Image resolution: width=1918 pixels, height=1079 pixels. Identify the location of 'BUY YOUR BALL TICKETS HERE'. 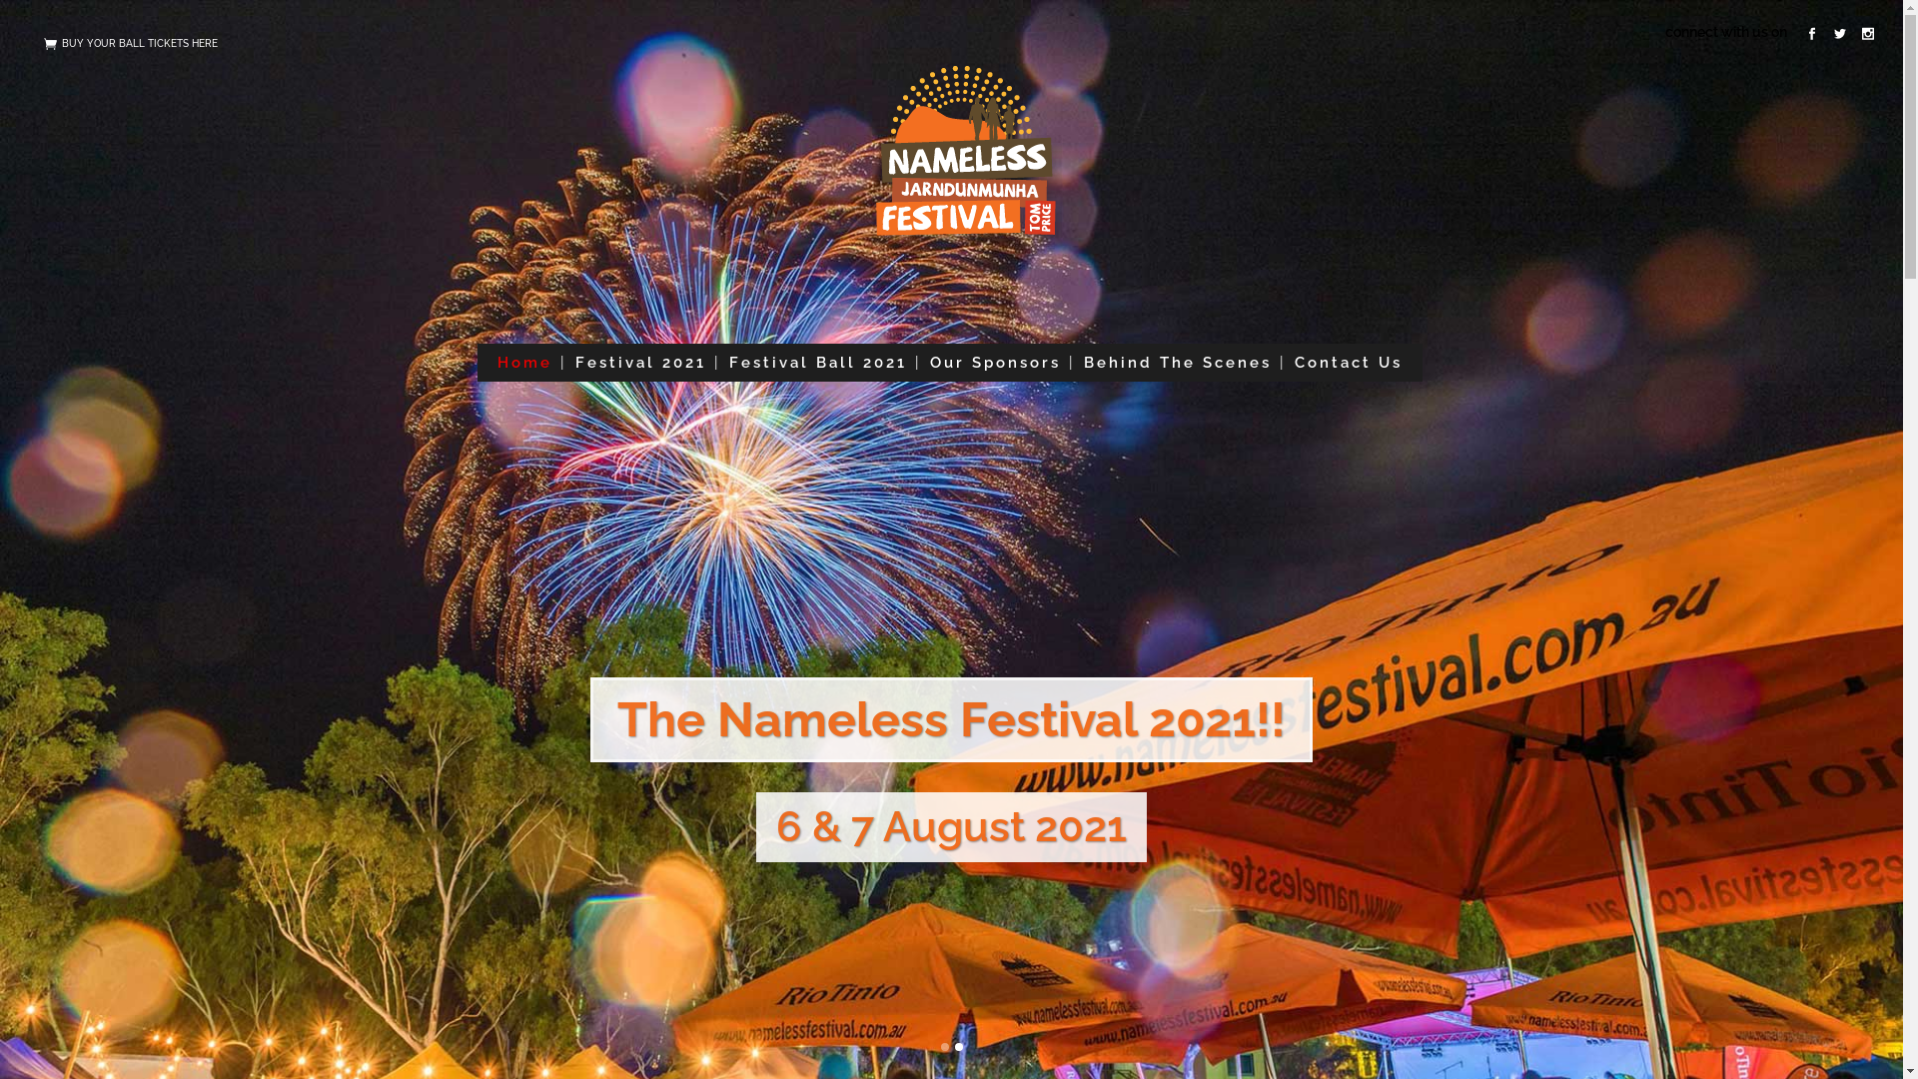
(138, 41).